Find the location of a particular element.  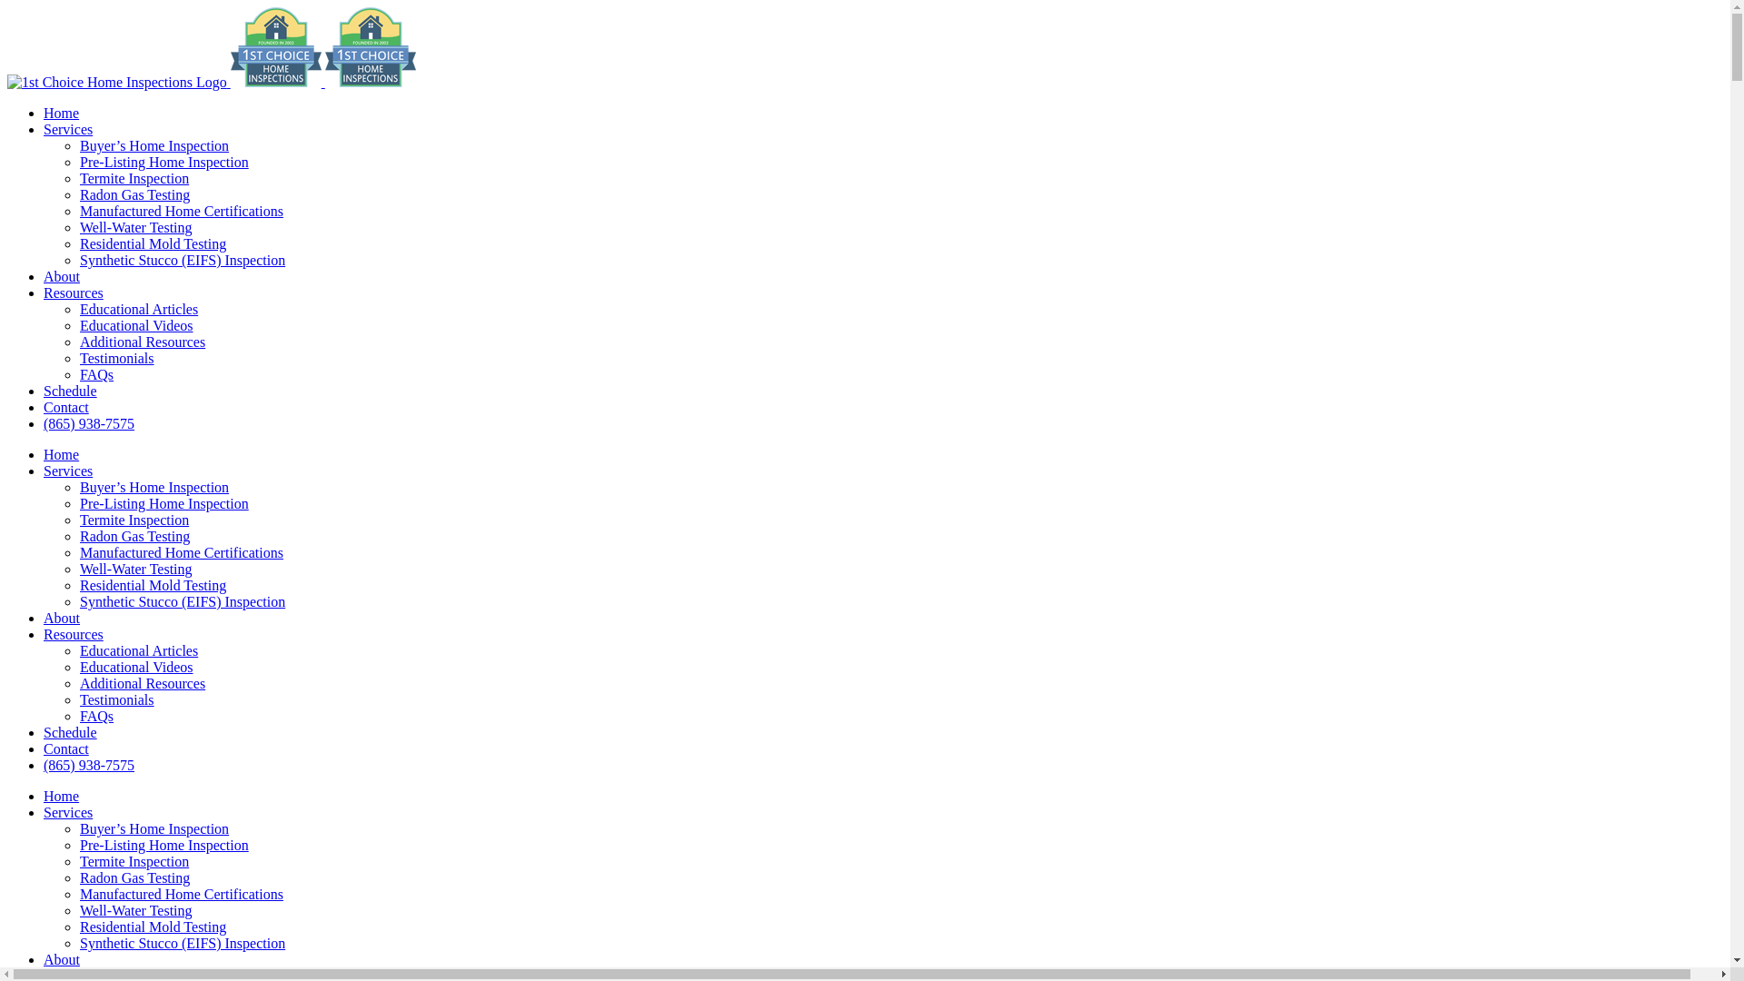

'Home' is located at coordinates (61, 113).